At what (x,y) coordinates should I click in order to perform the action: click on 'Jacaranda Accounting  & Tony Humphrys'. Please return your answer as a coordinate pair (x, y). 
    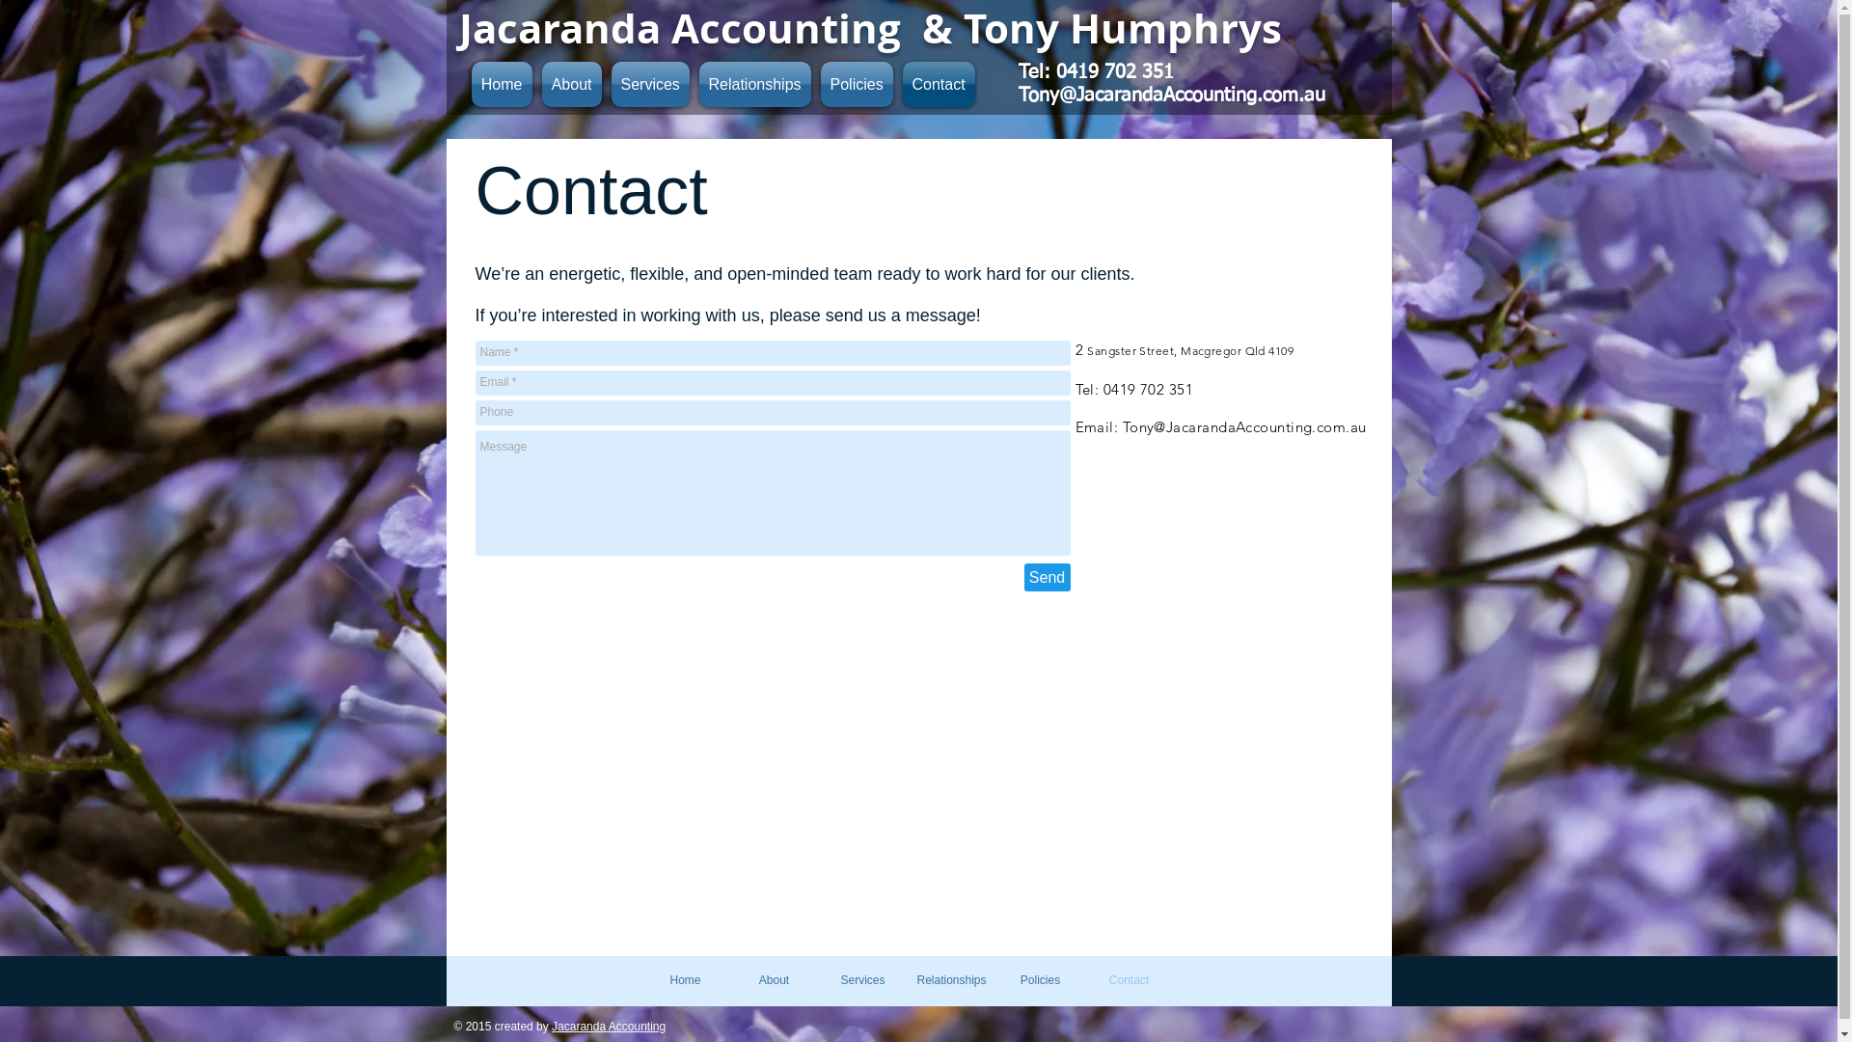
    Looking at the image, I should click on (869, 28).